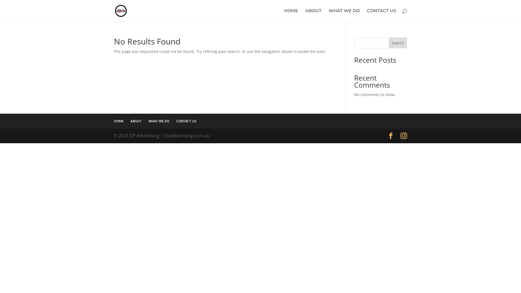  What do you see at coordinates (130, 121) in the screenshot?
I see `'ABOUT'` at bounding box center [130, 121].